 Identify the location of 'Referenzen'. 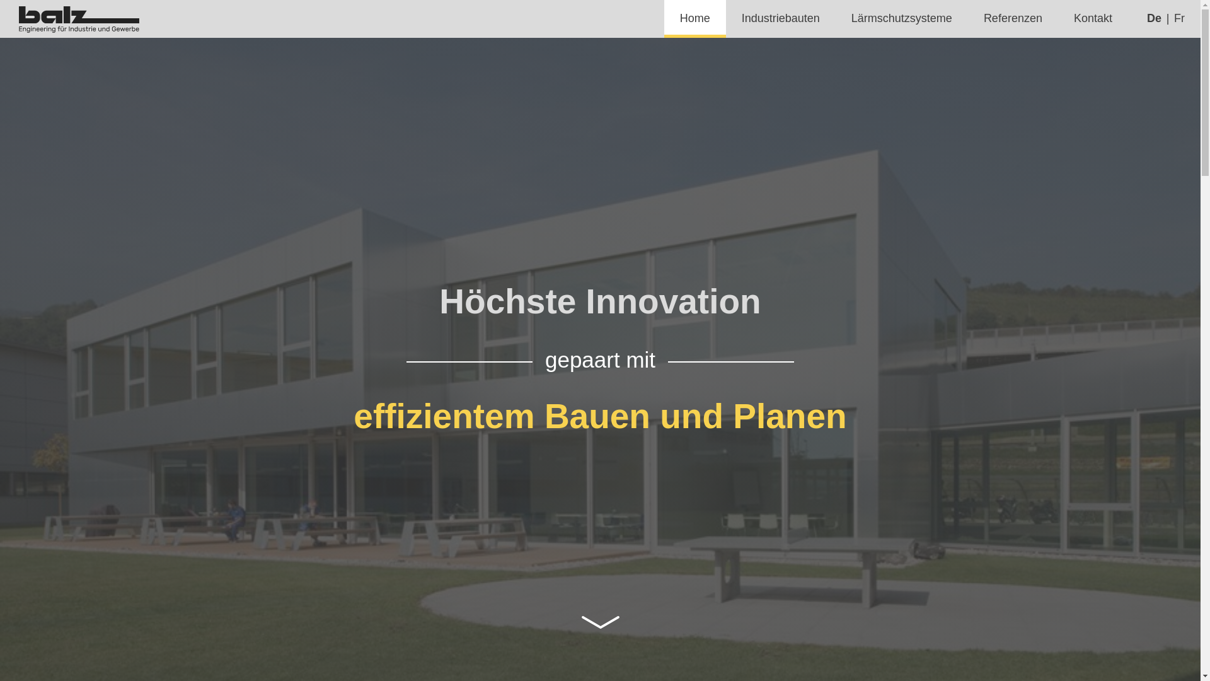
(1013, 19).